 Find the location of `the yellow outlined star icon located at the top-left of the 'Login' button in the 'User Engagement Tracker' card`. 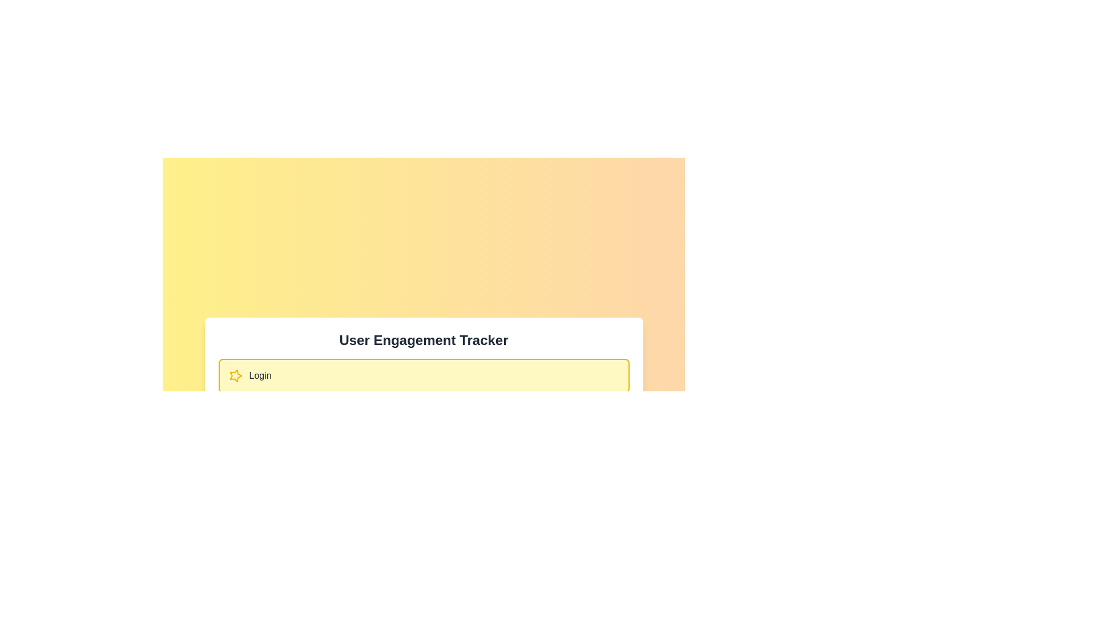

the yellow outlined star icon located at the top-left of the 'Login' button in the 'User Engagement Tracker' card is located at coordinates (235, 376).